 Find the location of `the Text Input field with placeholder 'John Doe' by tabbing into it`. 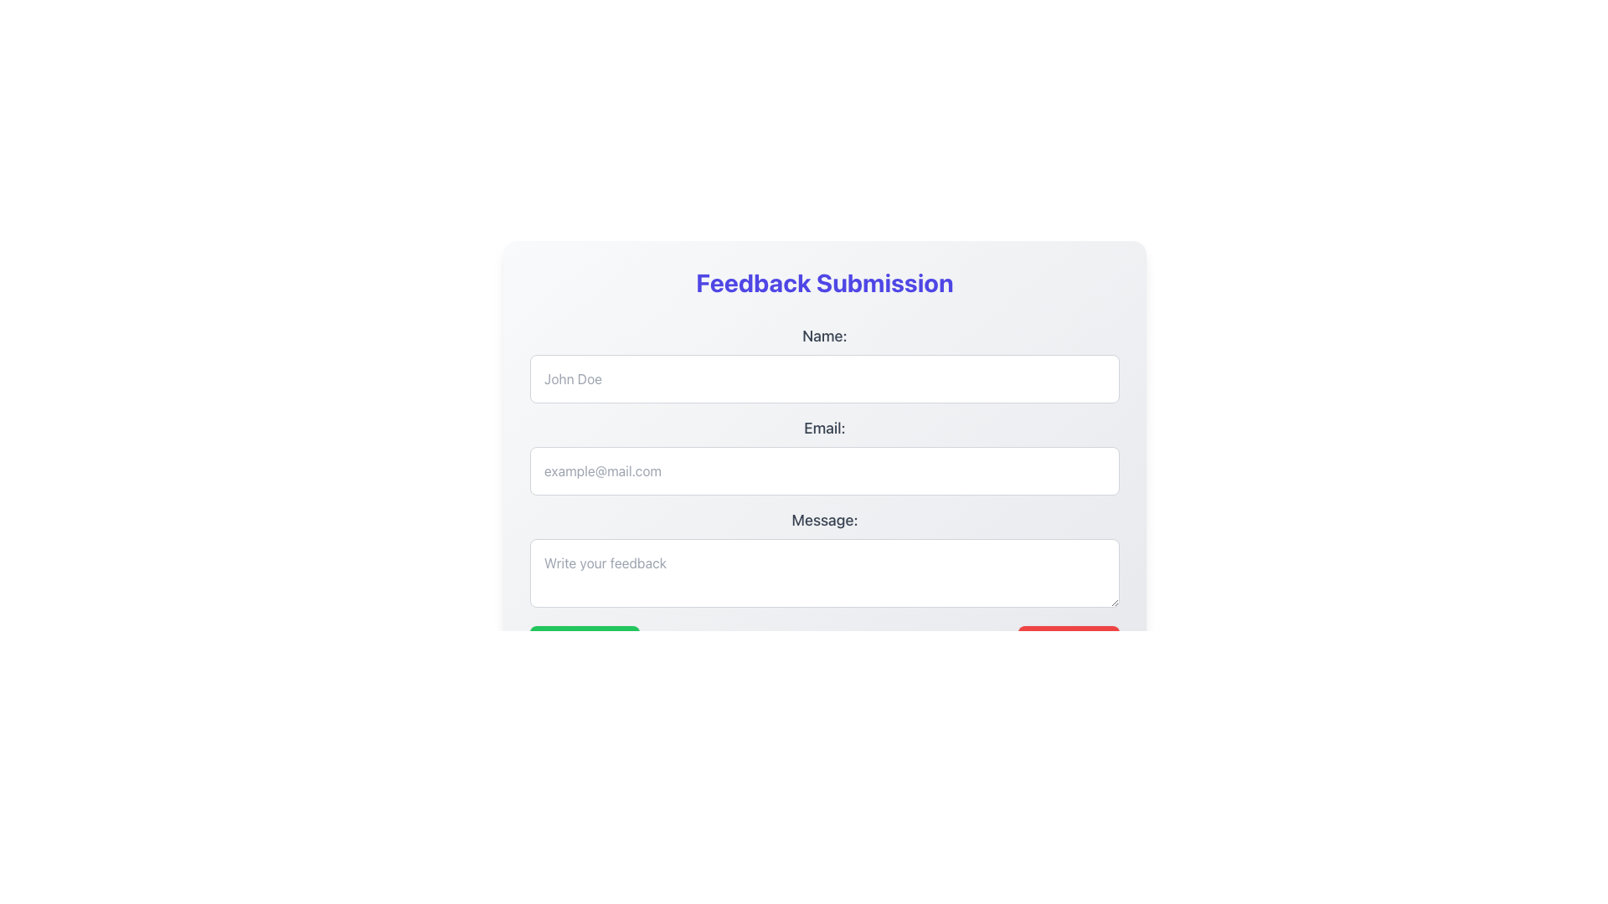

the Text Input field with placeholder 'John Doe' by tabbing into it is located at coordinates (824, 378).